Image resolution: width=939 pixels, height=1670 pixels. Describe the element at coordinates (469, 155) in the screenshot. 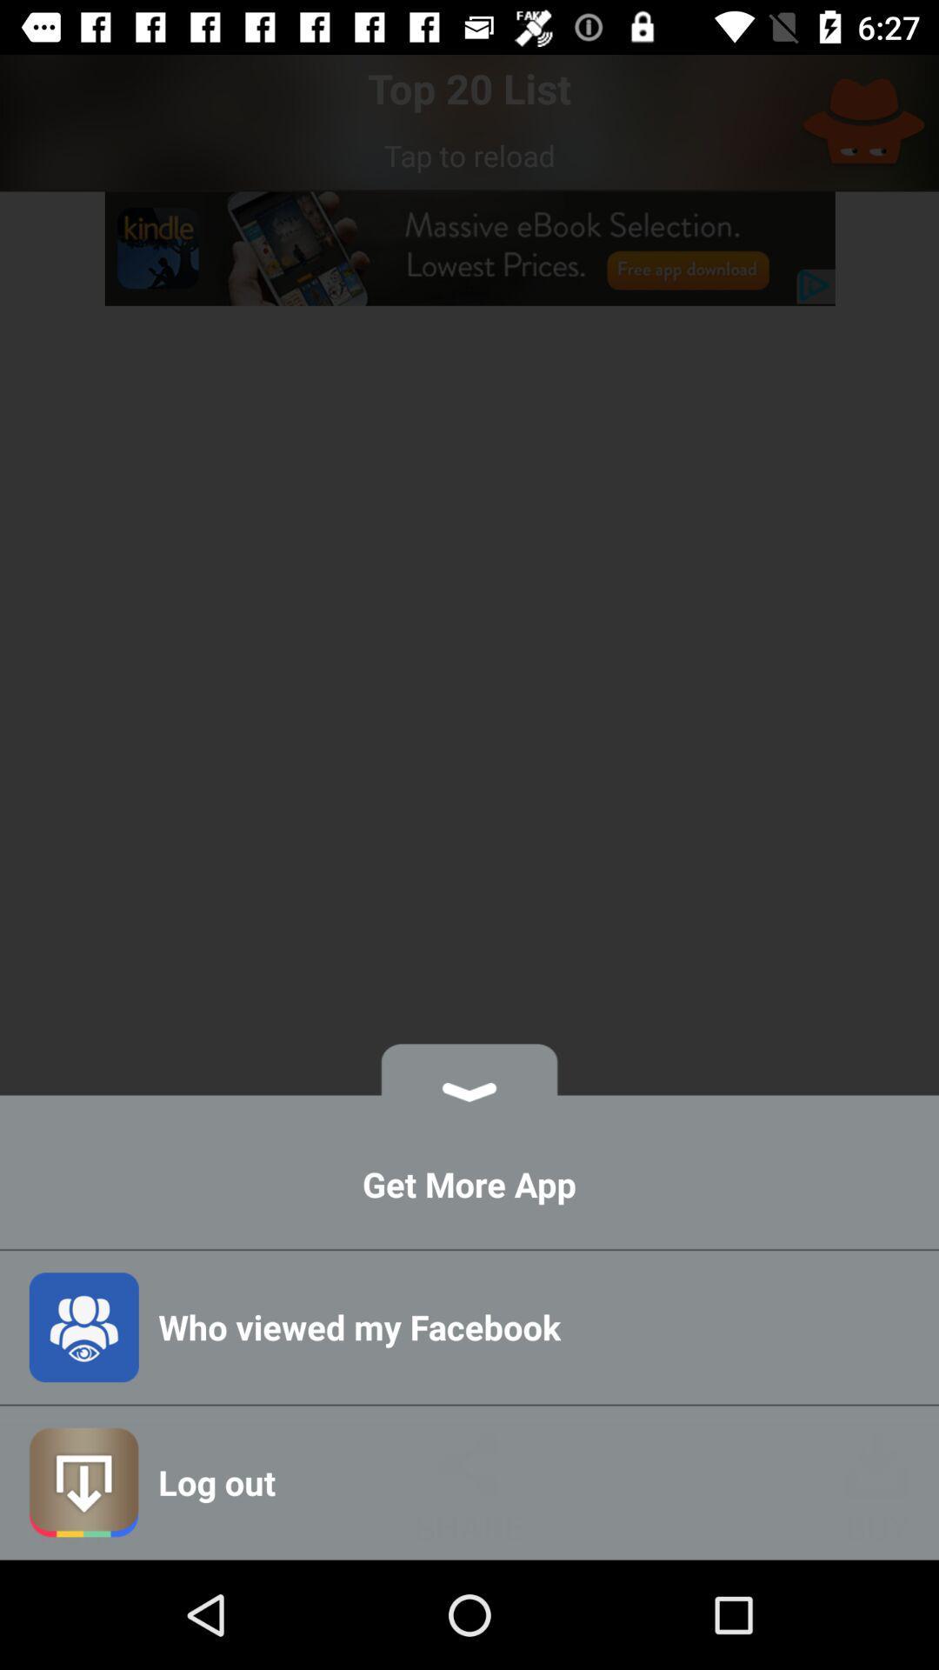

I see `the tap to reload icon` at that location.